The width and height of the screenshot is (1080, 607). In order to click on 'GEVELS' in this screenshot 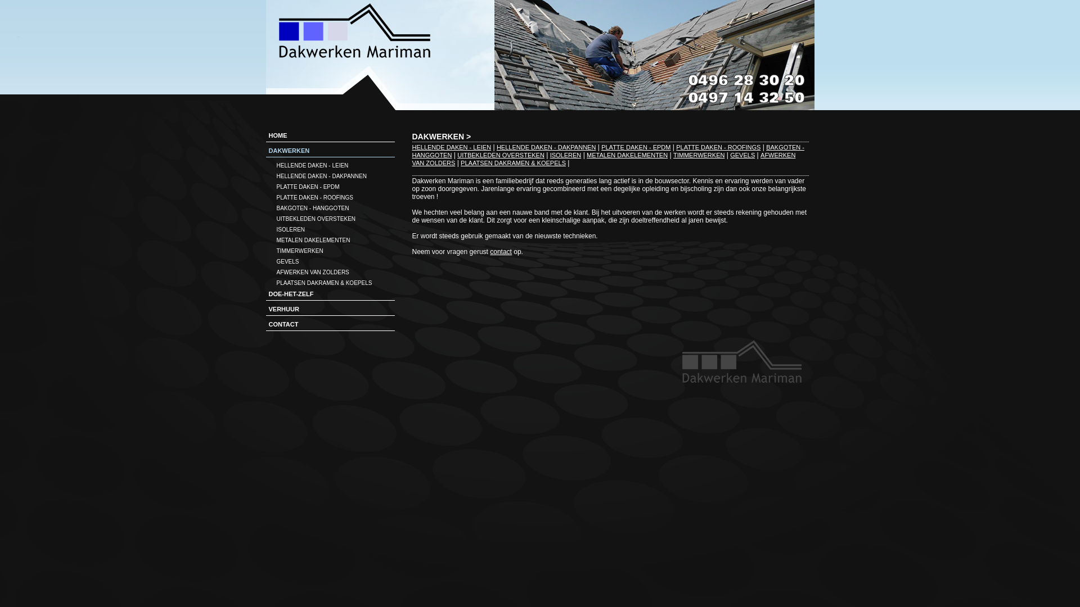, I will do `click(267, 261)`.